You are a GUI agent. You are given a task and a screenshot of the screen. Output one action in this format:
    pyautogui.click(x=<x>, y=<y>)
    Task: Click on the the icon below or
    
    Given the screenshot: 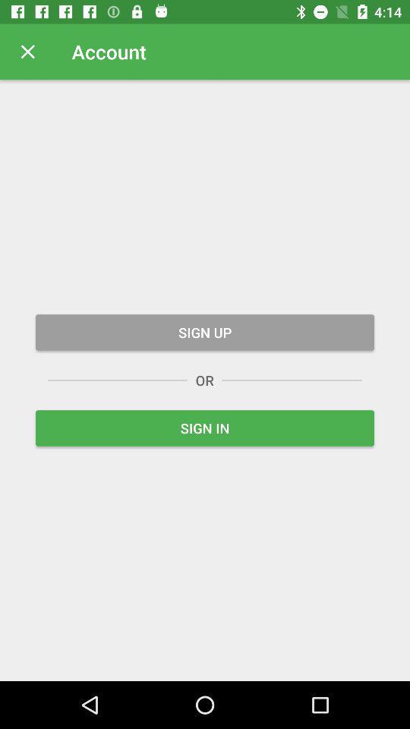 What is the action you would take?
    pyautogui.click(x=205, y=428)
    